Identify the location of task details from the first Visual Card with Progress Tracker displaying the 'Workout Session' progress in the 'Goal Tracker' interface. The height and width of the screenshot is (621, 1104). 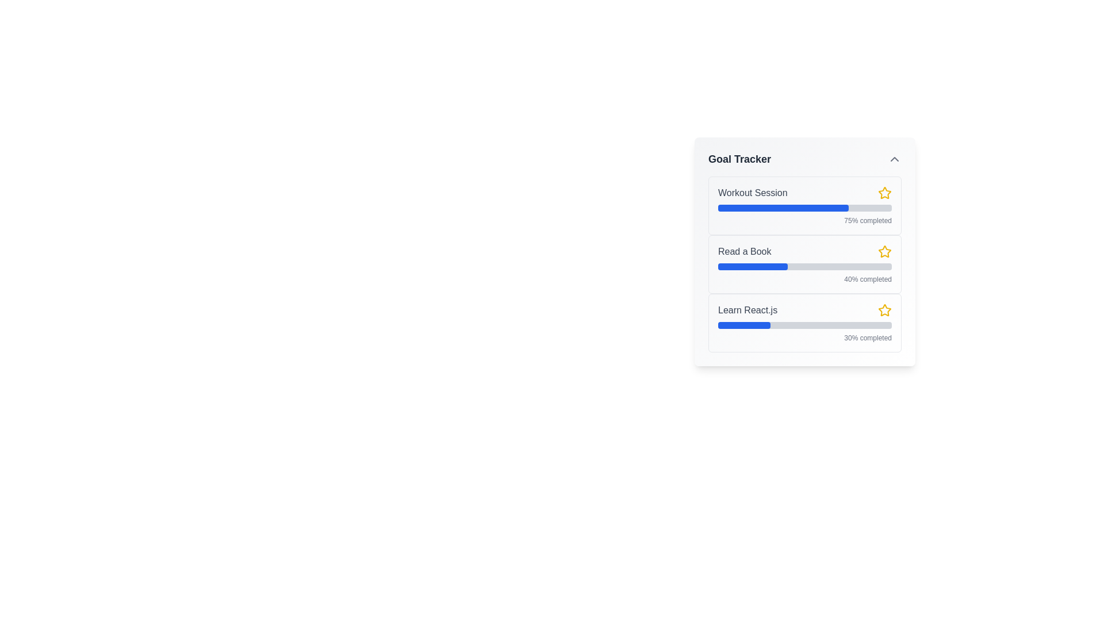
(804, 205).